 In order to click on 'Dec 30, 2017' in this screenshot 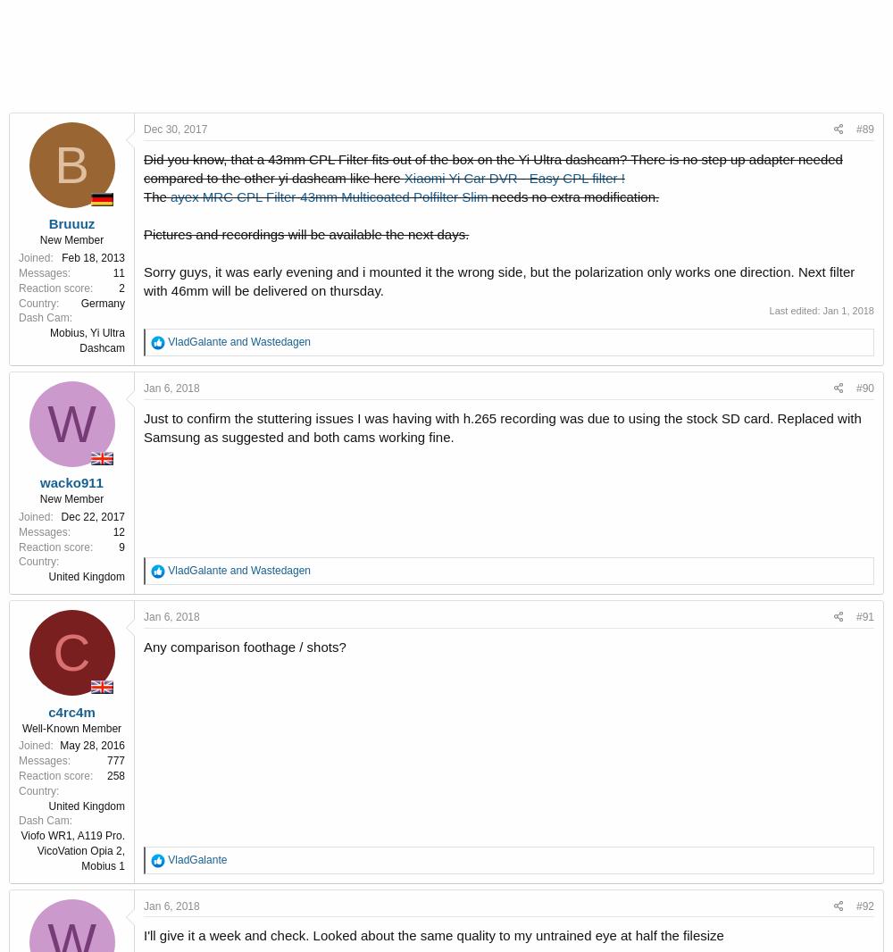, I will do `click(144, 128)`.